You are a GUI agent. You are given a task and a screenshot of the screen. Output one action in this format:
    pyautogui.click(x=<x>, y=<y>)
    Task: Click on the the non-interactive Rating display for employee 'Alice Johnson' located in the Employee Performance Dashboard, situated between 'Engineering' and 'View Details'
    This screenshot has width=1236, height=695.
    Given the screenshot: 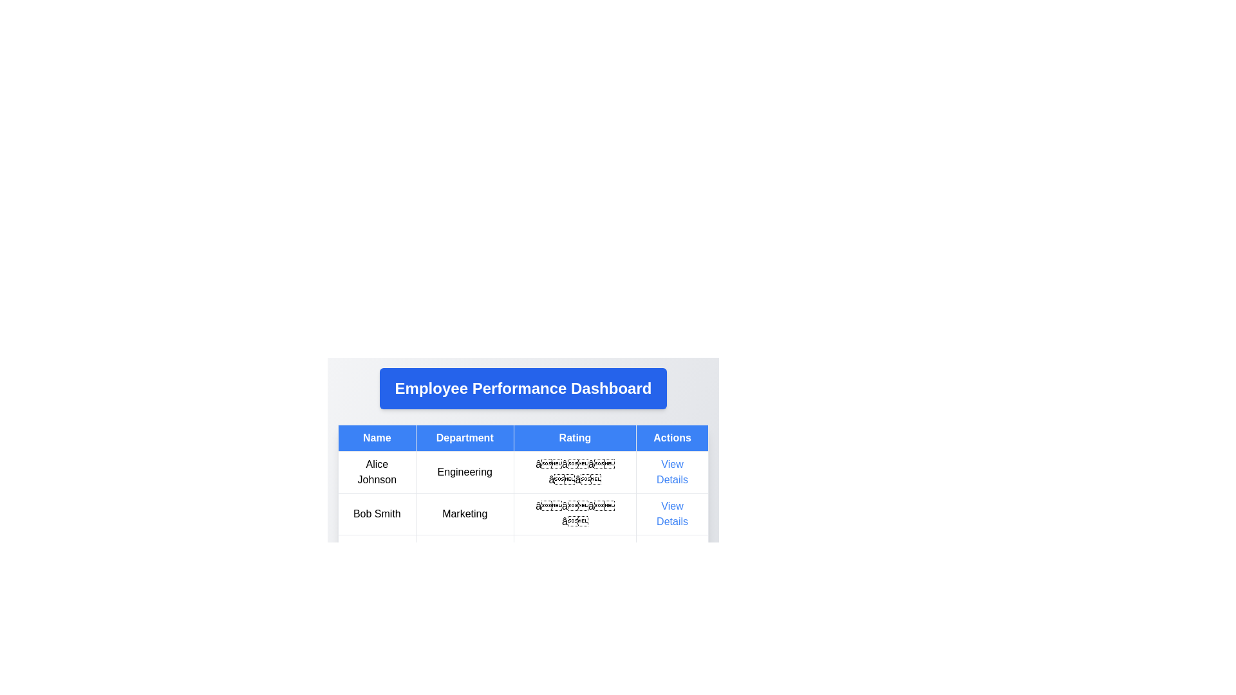 What is the action you would take?
    pyautogui.click(x=574, y=472)
    